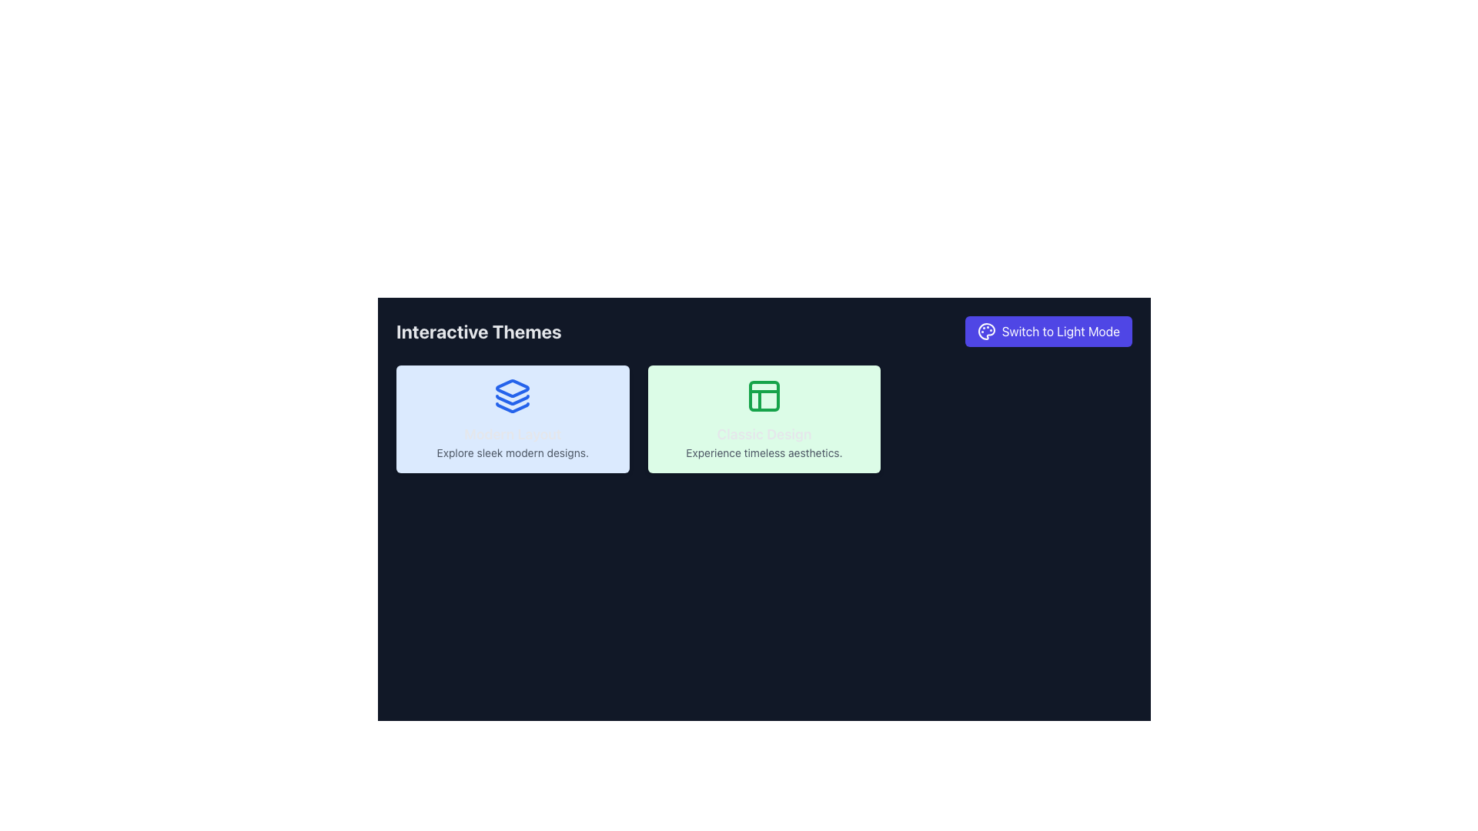  What do you see at coordinates (764, 419) in the screenshot?
I see `the 'Classic Design' Informational Card, which is the second card in a three-column grid layout, located to the right of the 'Modern Layout' card` at bounding box center [764, 419].